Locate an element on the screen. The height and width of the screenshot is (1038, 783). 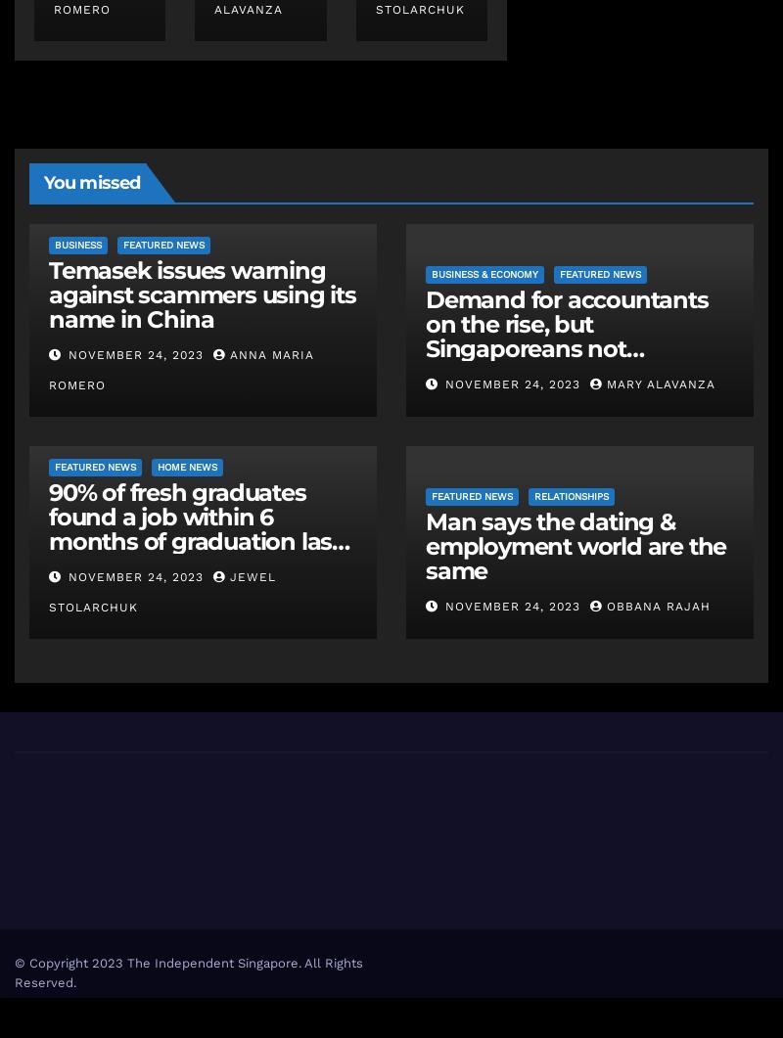
'Home News' is located at coordinates (158, 467).